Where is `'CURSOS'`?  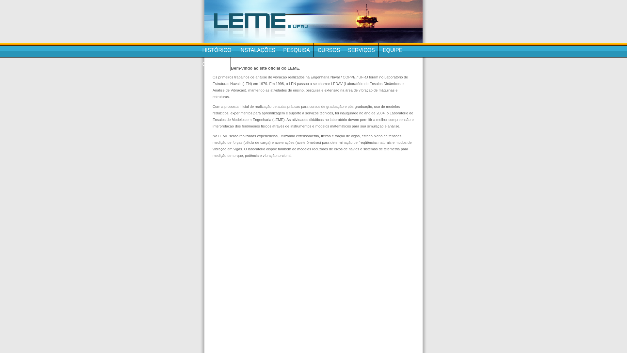 'CURSOS' is located at coordinates (329, 49).